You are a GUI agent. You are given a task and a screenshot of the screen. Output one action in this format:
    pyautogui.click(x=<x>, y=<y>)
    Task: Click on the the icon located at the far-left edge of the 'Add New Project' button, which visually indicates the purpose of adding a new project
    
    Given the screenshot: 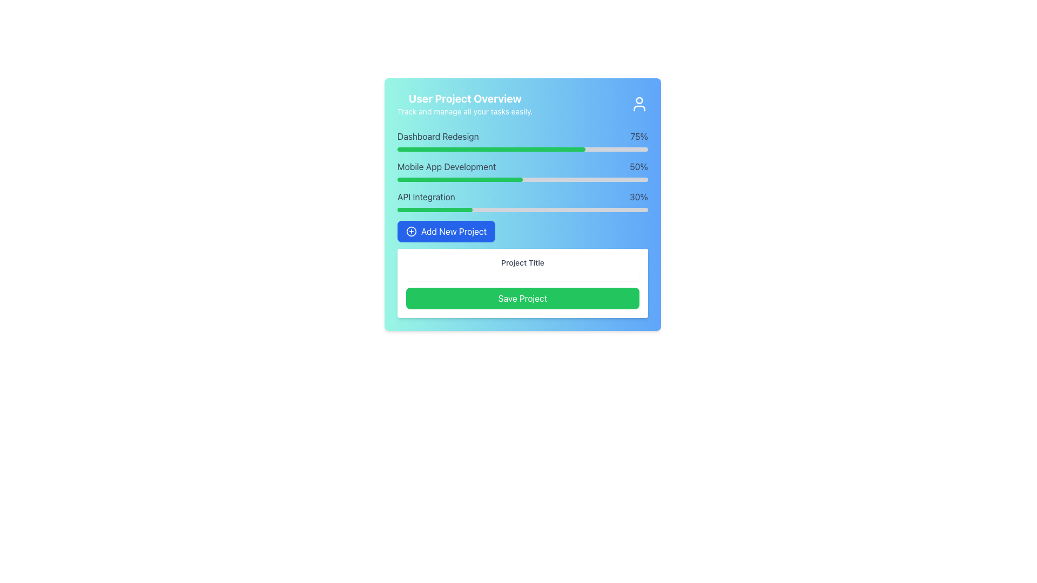 What is the action you would take?
    pyautogui.click(x=411, y=231)
    